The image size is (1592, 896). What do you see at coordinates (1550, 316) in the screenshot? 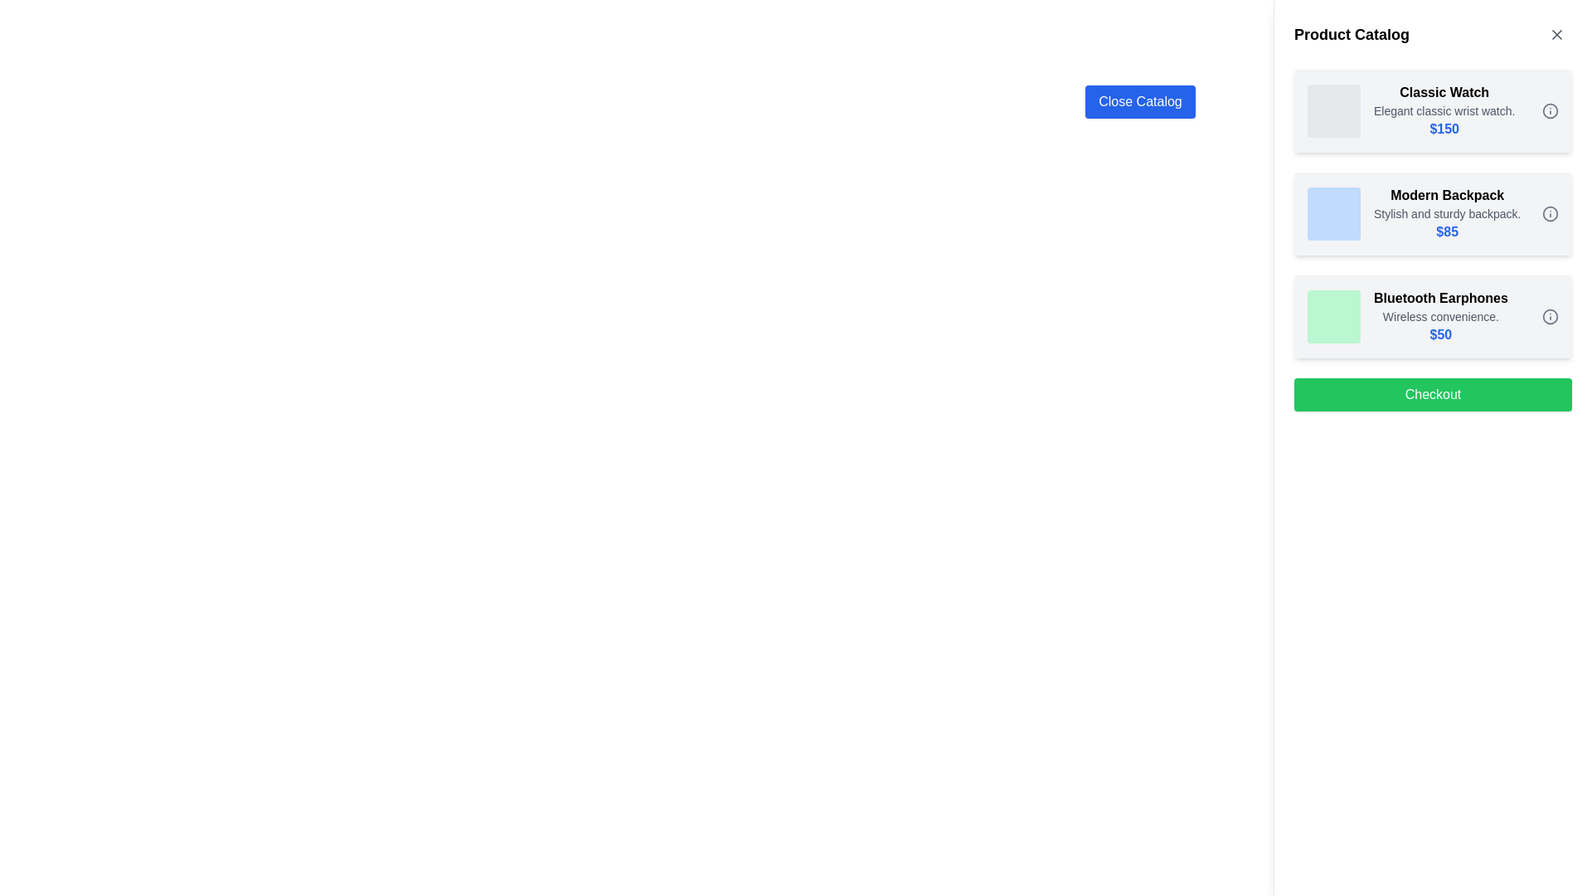
I see `the circular icon (SVG Circle) that serves as a background for graphical components in the Product Catalog section, located to the far-right of the 'Bluetooth Earphones' product card` at bounding box center [1550, 316].